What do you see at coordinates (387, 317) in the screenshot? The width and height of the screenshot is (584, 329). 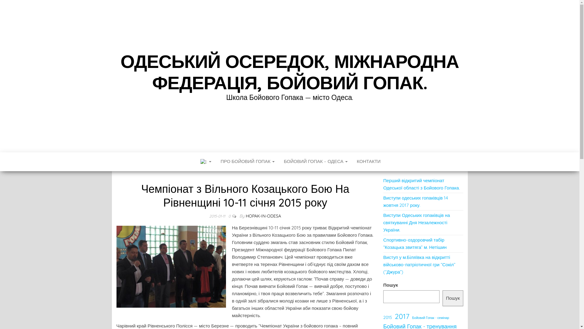 I see `'2015'` at bounding box center [387, 317].